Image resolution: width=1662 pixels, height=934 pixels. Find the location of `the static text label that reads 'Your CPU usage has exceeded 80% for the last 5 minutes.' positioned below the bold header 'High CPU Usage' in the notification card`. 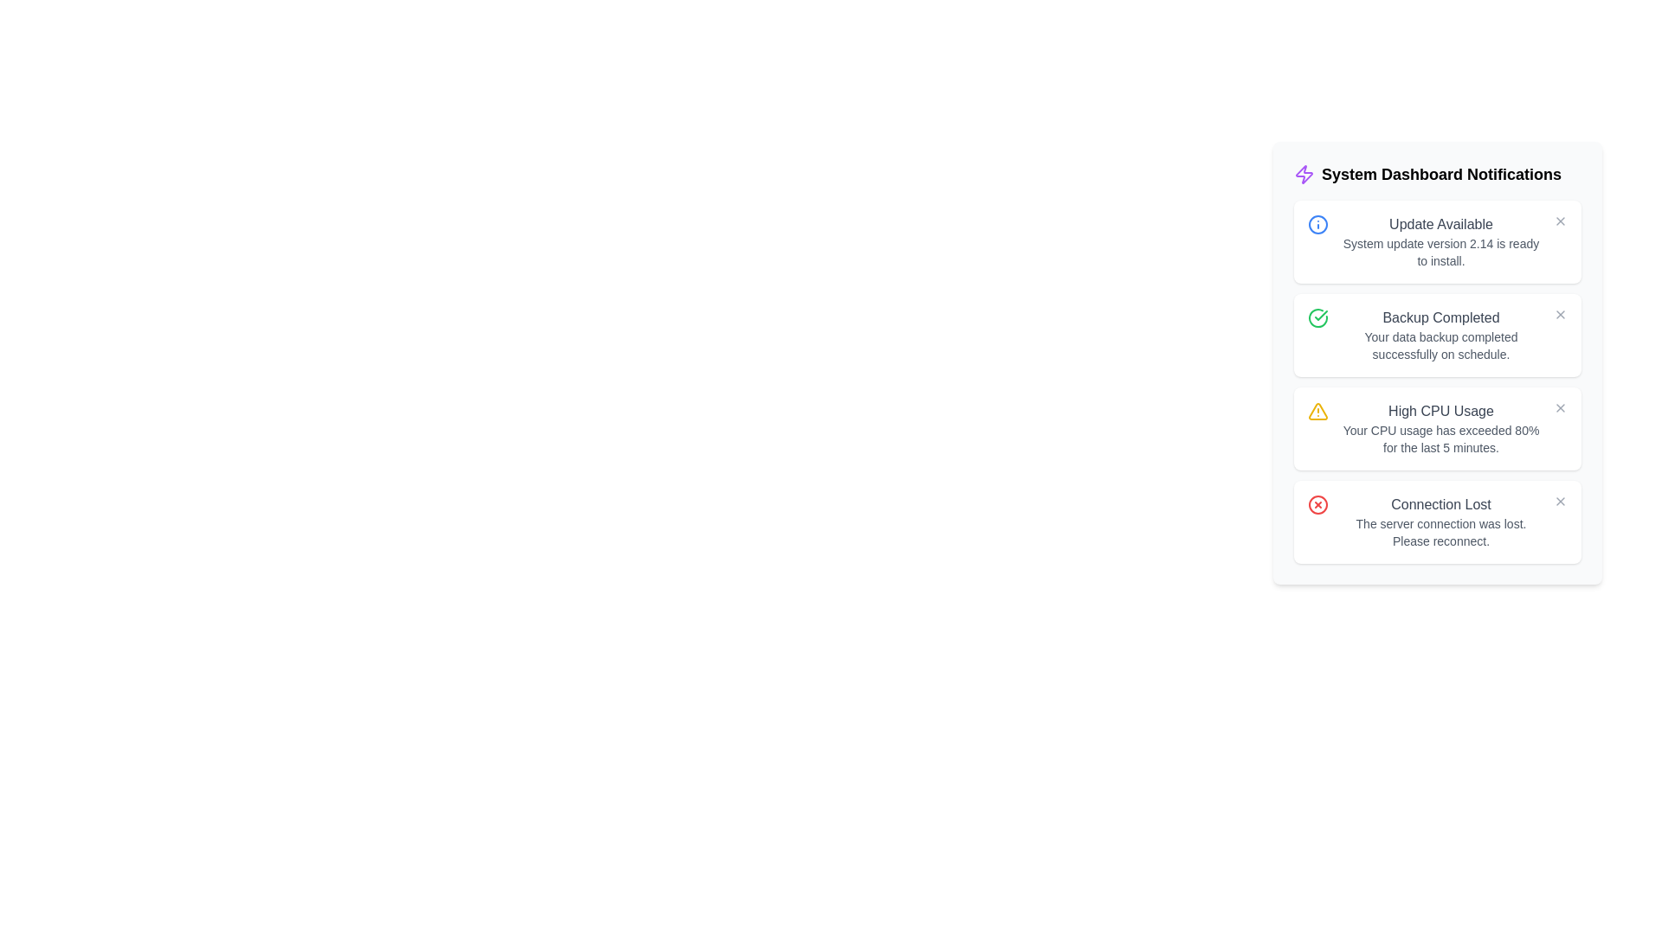

the static text label that reads 'Your CPU usage has exceeded 80% for the last 5 minutes.' positioned below the bold header 'High CPU Usage' in the notification card is located at coordinates (1441, 438).